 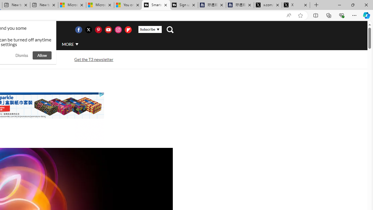 I want to click on 'Visit us on Pintrest', so click(x=98, y=29).